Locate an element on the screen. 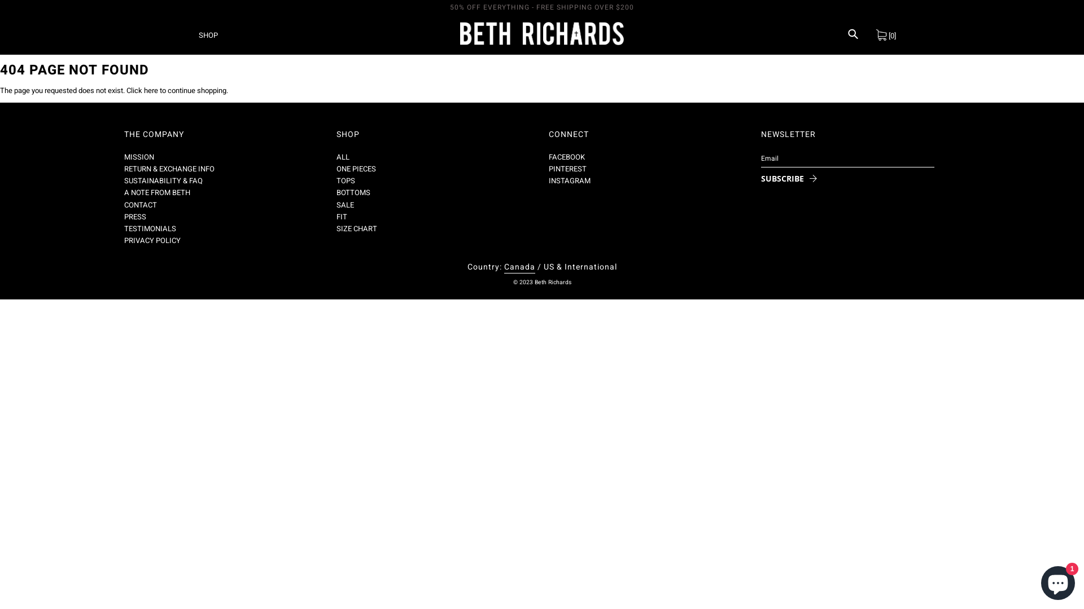 The image size is (1084, 609). 'here' is located at coordinates (150, 90).